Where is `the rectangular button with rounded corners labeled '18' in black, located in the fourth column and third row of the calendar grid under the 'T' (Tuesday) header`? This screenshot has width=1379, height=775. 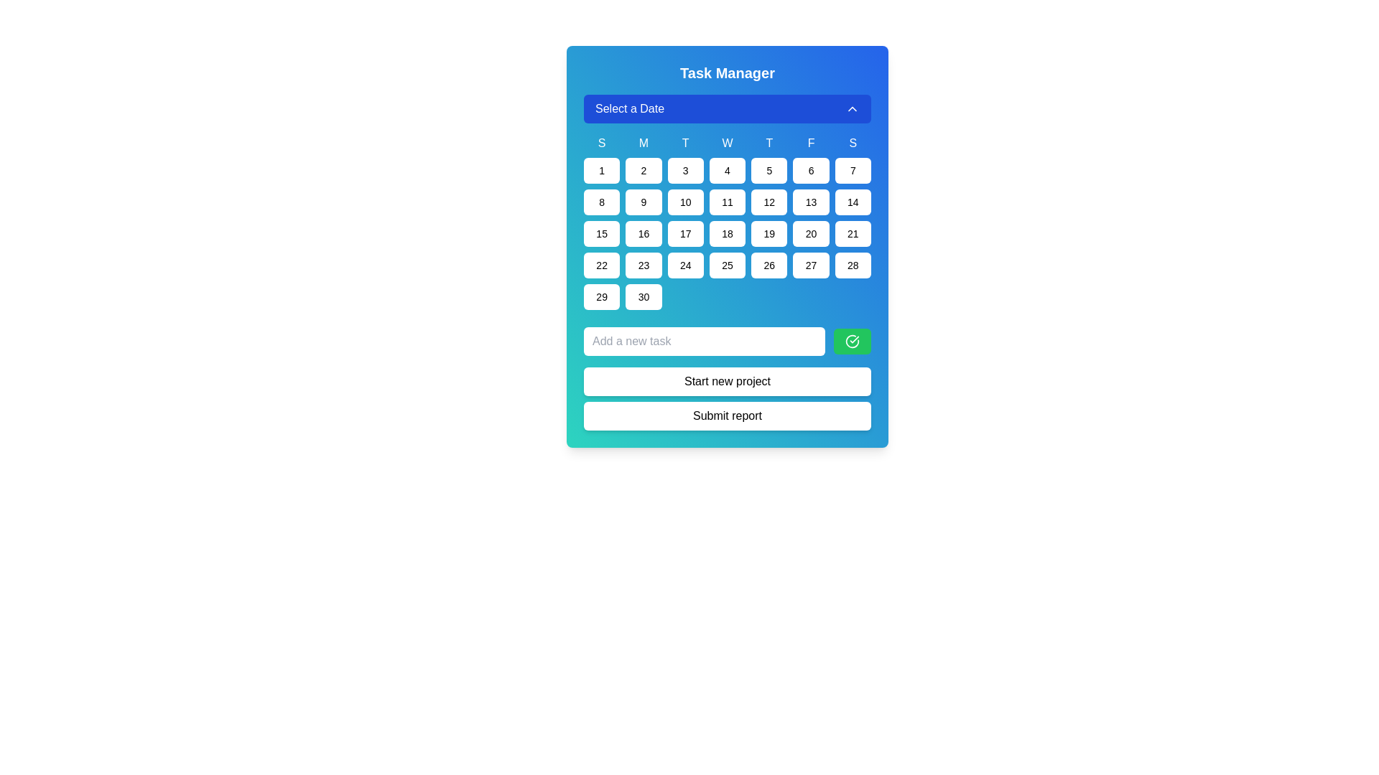 the rectangular button with rounded corners labeled '18' in black, located in the fourth column and third row of the calendar grid under the 'T' (Tuesday) header is located at coordinates (727, 233).